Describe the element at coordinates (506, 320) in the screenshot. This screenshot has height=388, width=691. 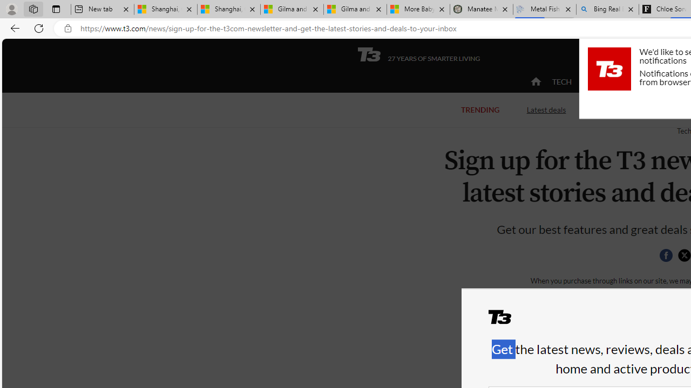
I see `'T3'` at that location.